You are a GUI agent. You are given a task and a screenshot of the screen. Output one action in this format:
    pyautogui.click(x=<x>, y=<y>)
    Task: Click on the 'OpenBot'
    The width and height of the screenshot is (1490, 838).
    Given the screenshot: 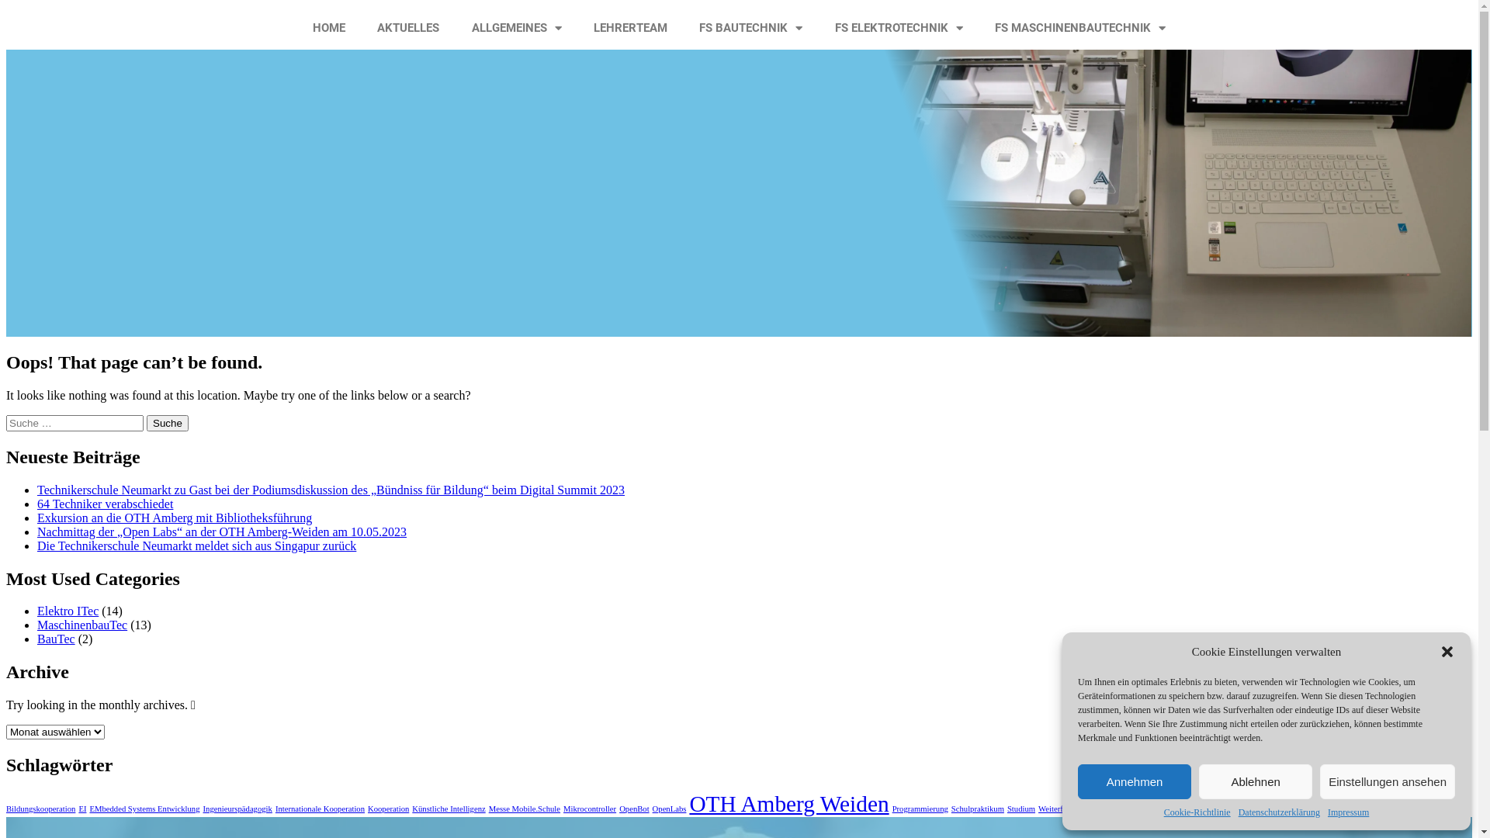 What is the action you would take?
    pyautogui.click(x=633, y=808)
    